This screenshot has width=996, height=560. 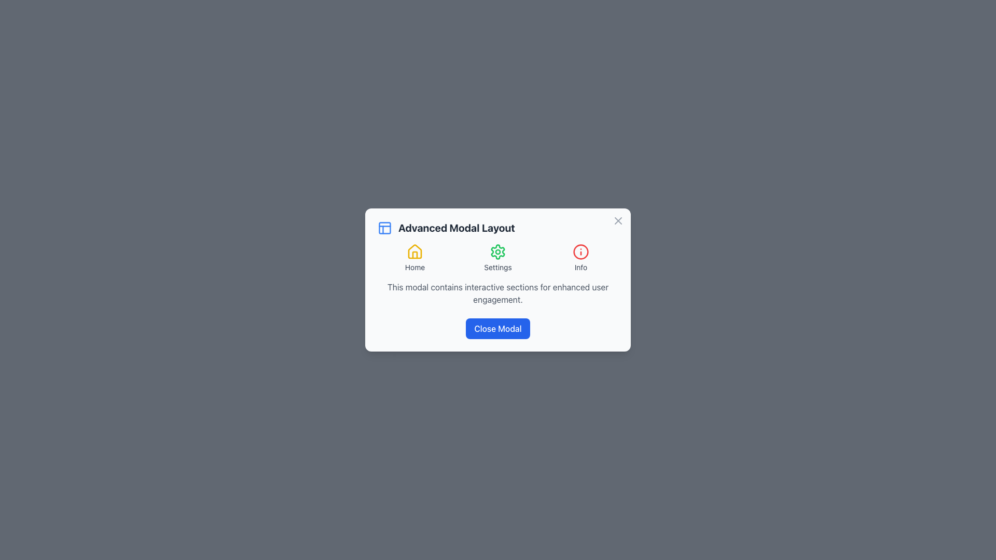 I want to click on the 'Home' icon with text label, which is the first item in a horizontal grid of options, aligned to the left, so click(x=415, y=257).